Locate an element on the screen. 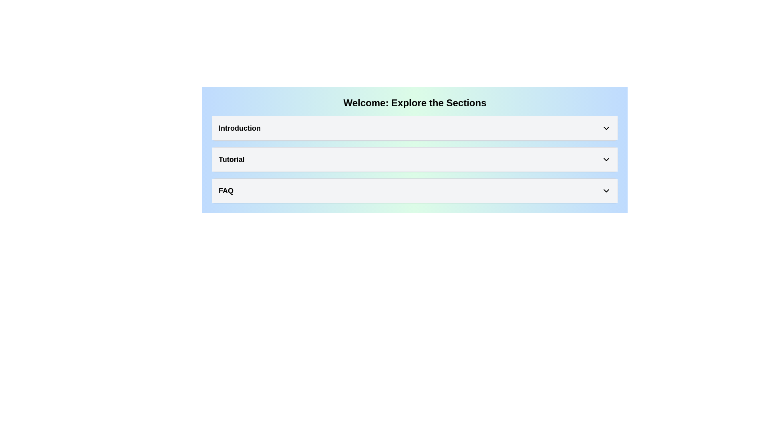 The width and height of the screenshot is (769, 433). the 'Tutorial' static text label located in the second row of the vertical list, positioned between 'Introduction' and 'FAQ' is located at coordinates (231, 159).